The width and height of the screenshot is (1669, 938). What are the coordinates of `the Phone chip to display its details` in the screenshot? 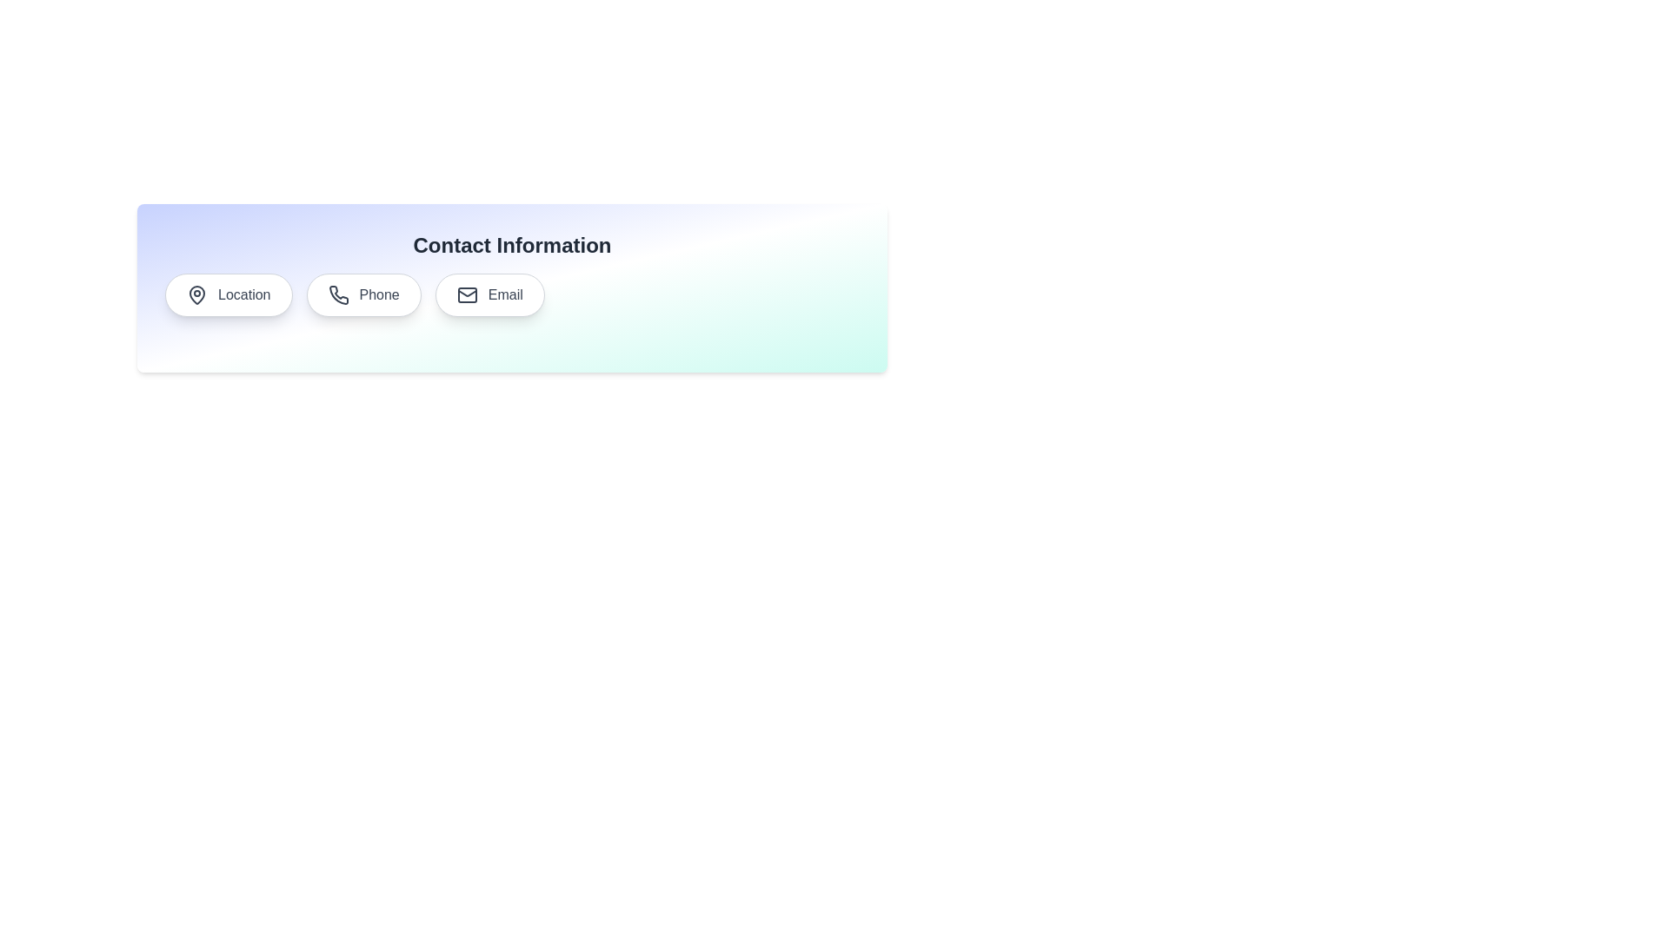 It's located at (362, 294).